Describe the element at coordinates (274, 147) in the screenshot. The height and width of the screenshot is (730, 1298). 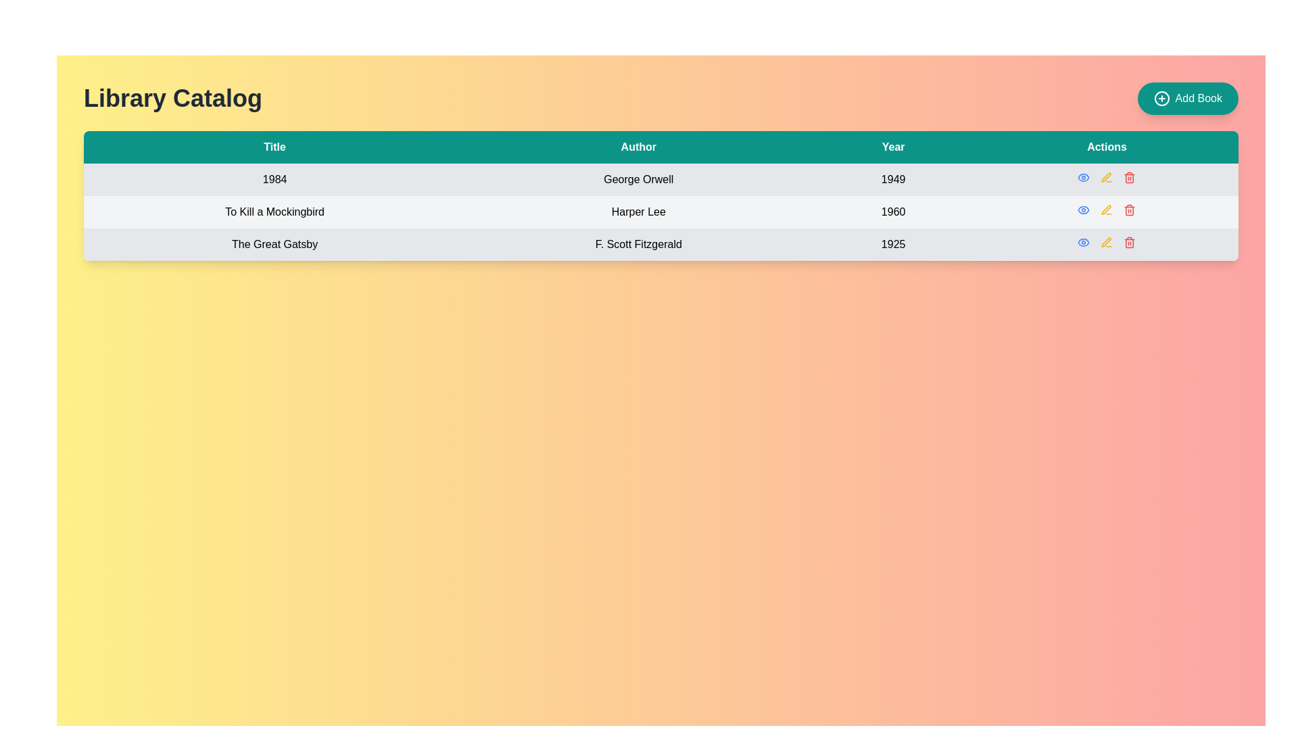
I see `text in the first table header cell, which identifies the content of the column for book titles` at that location.